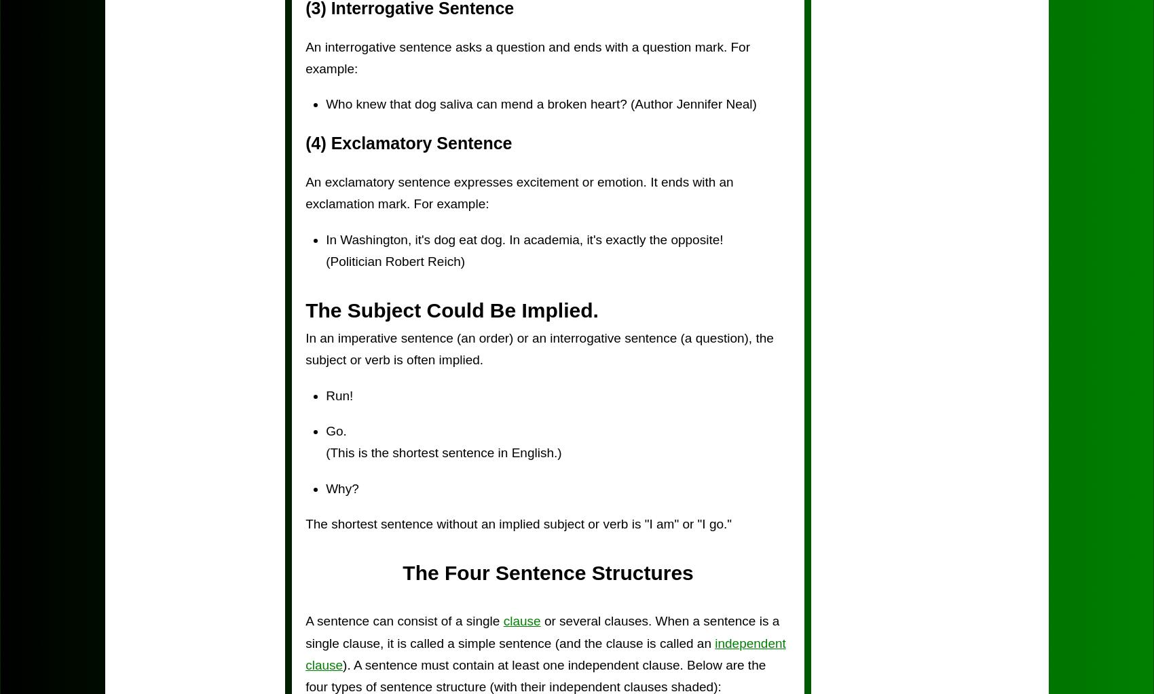 This screenshot has width=1154, height=694. Describe the element at coordinates (538, 348) in the screenshot. I see `'In an imperative sentence (an order) or an interrogative sentence (a question), the subject or verb is often implied.'` at that location.